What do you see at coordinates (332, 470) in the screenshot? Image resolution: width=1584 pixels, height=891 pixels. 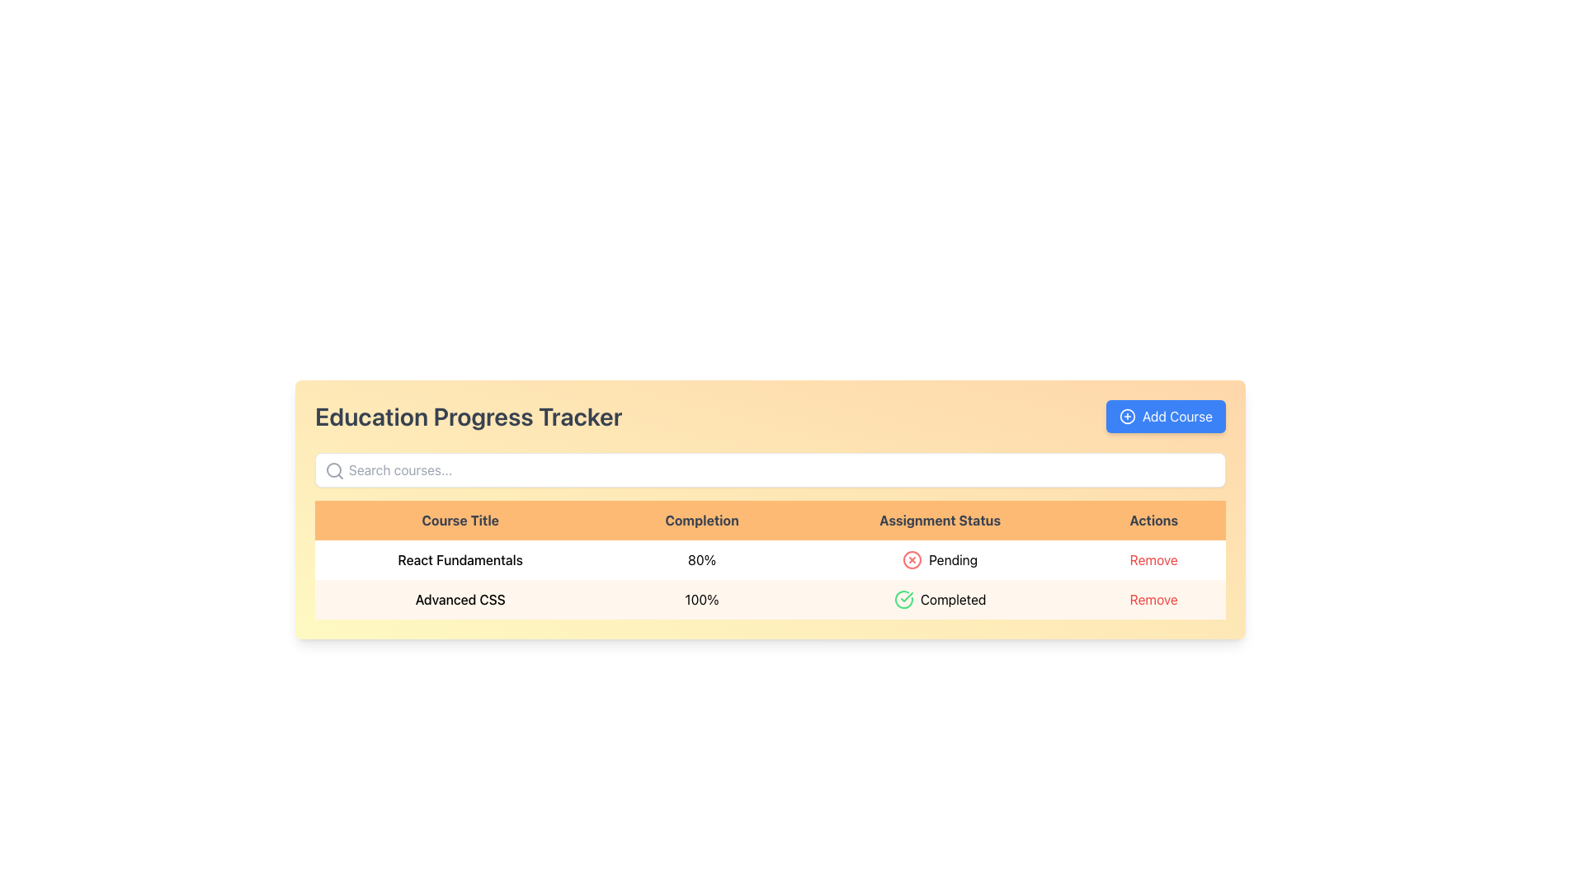 I see `the circular element of the search icon, which represents the search functionality in the upper-left area of the search bar beneath the title 'Education Progress Tracker'` at bounding box center [332, 470].